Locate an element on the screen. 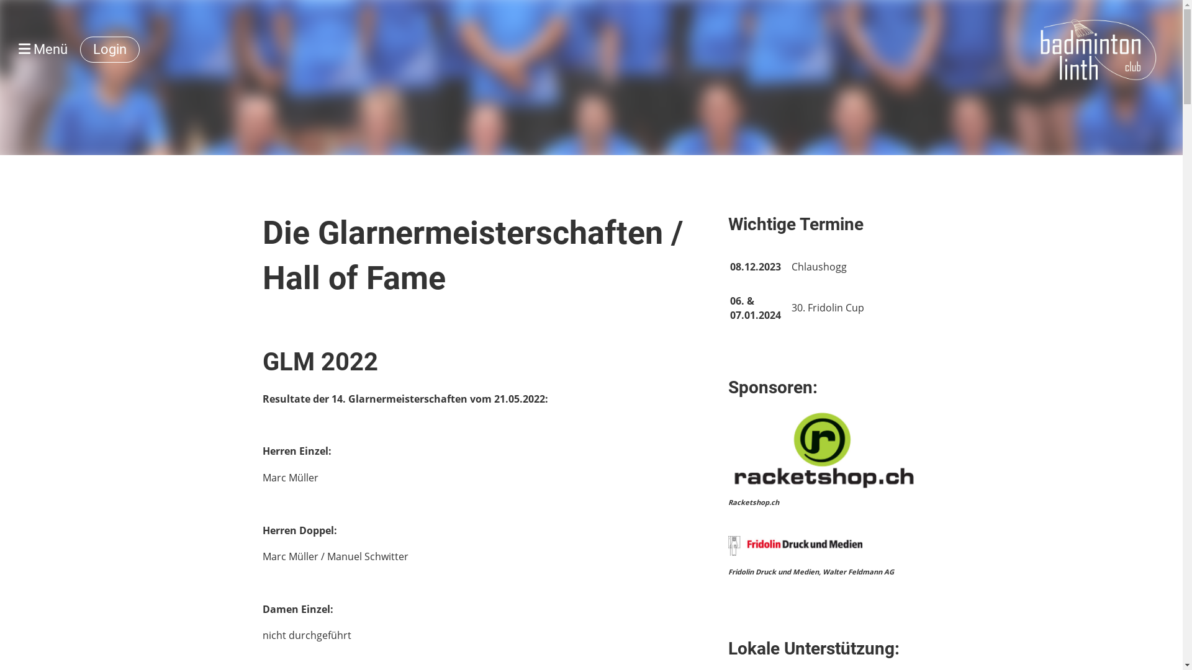 This screenshot has height=670, width=1192. 'Login' is located at coordinates (110, 49).